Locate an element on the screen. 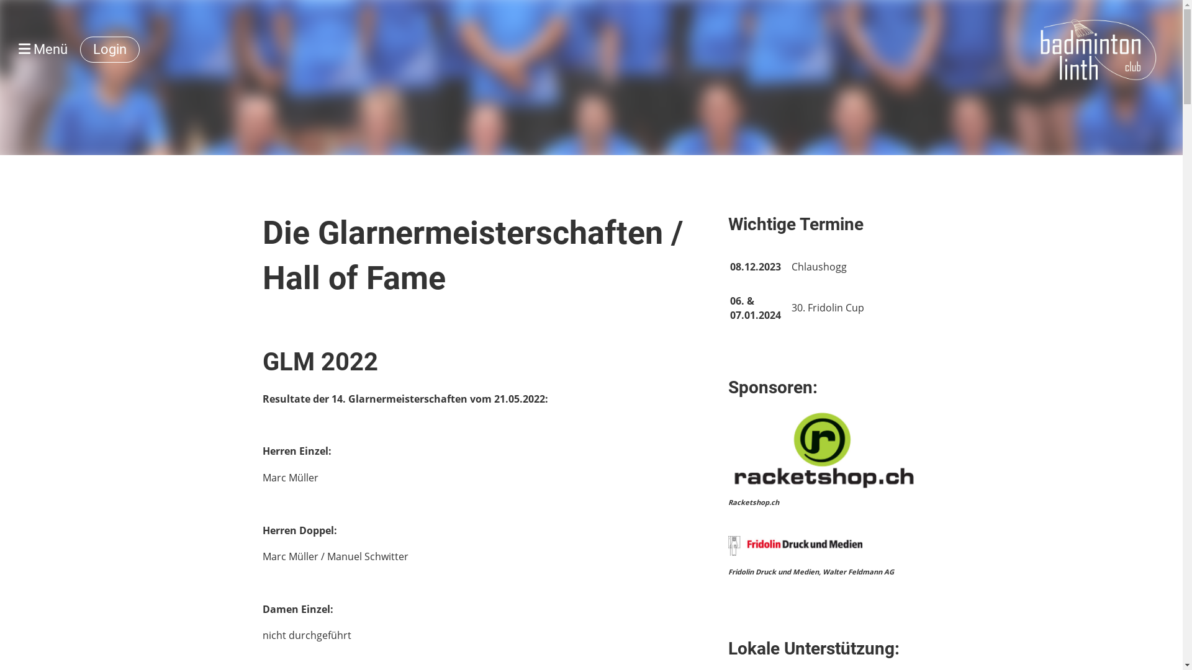 This screenshot has height=670, width=1192. 'Login' is located at coordinates (110, 49).